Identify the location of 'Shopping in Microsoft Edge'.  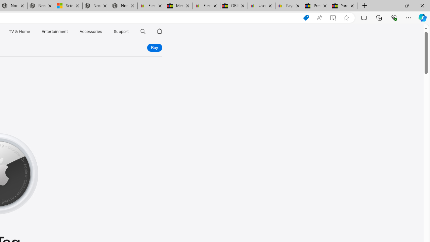
(305, 17).